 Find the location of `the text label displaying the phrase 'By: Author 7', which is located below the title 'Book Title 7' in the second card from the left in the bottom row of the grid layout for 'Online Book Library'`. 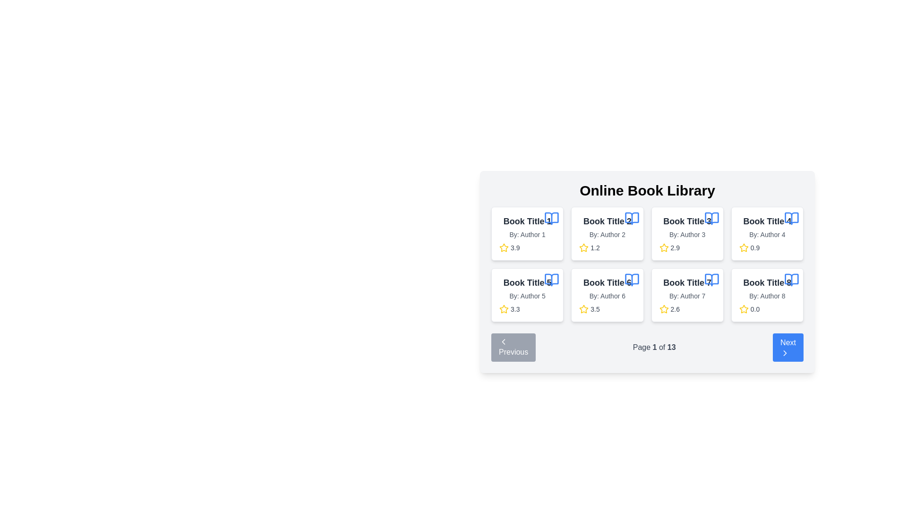

the text label displaying the phrase 'By: Author 7', which is located below the title 'Book Title 7' in the second card from the left in the bottom row of the grid layout for 'Online Book Library' is located at coordinates (687, 296).